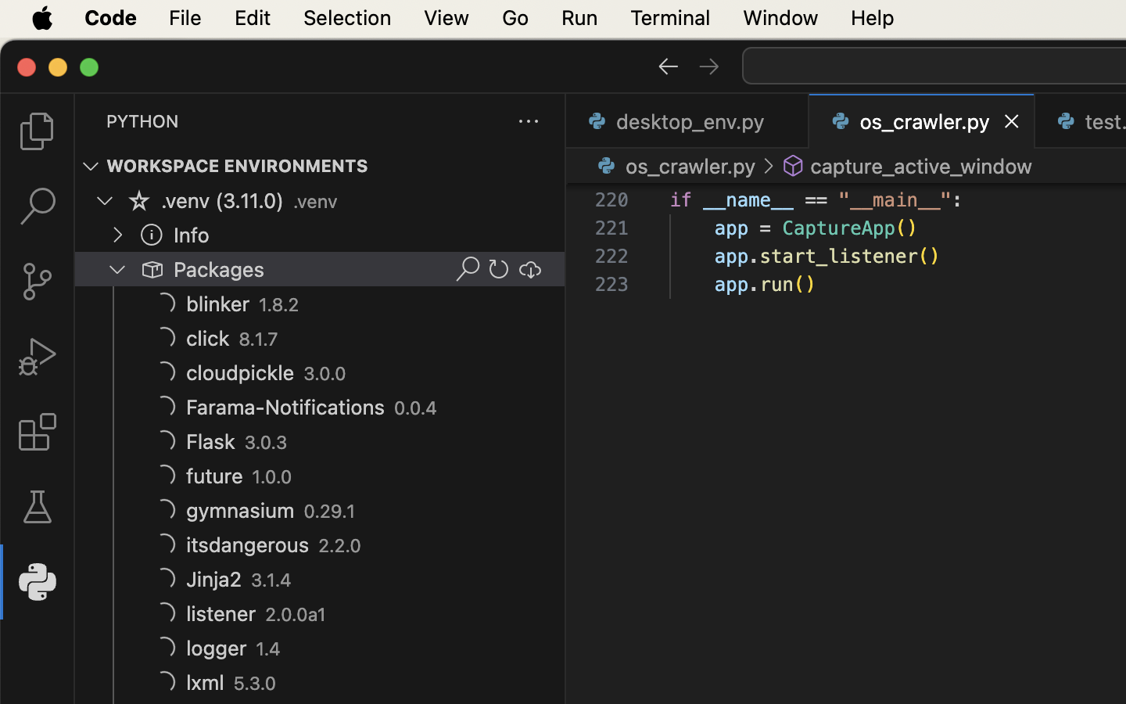 This screenshot has height=704, width=1126. I want to click on 'Flask', so click(210, 442).